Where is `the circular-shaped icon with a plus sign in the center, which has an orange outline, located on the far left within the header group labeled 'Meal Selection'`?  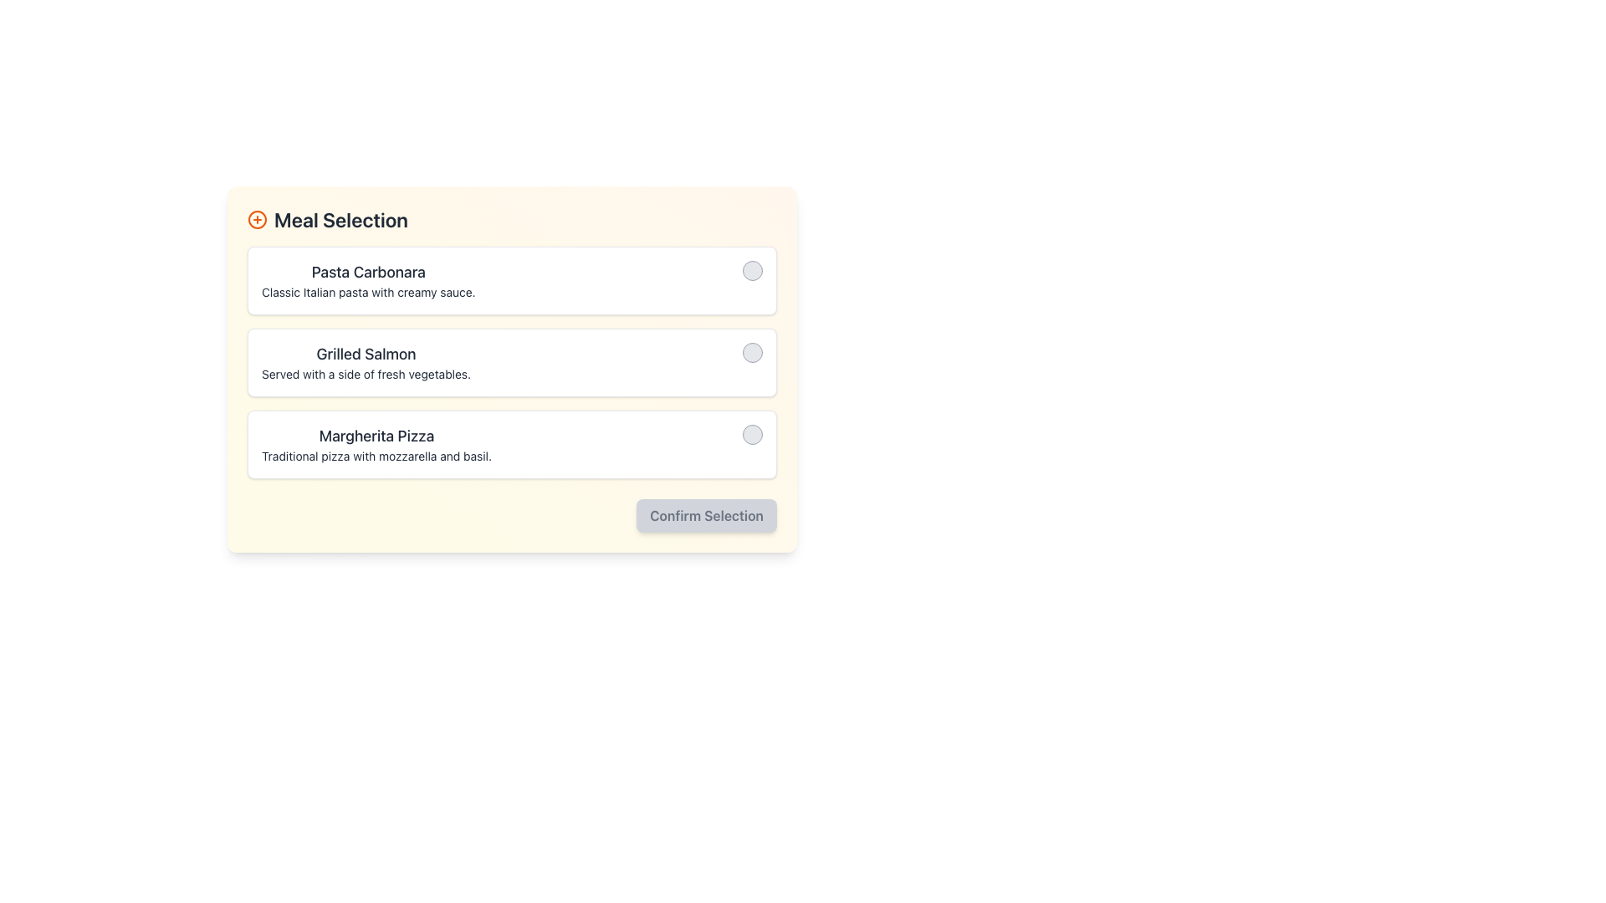
the circular-shaped icon with a plus sign in the center, which has an orange outline, located on the far left within the header group labeled 'Meal Selection' is located at coordinates (256, 218).